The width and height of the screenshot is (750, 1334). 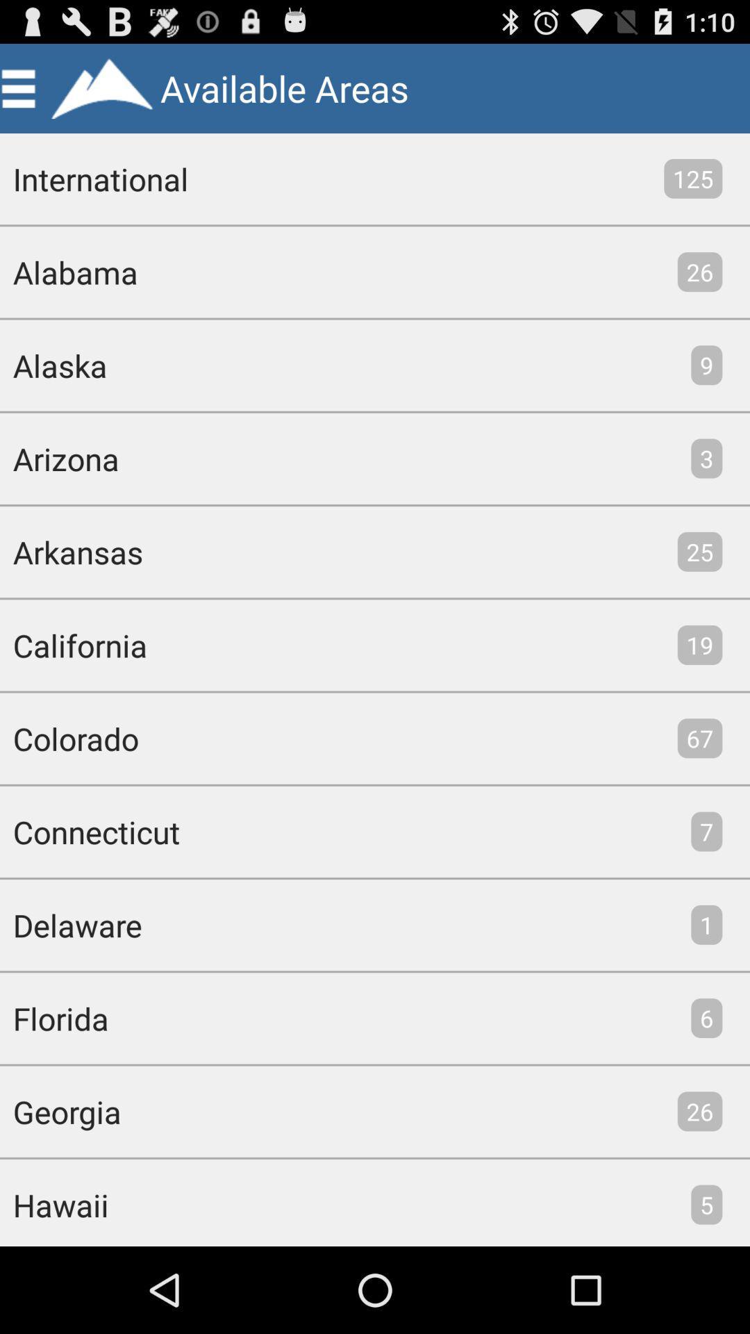 What do you see at coordinates (699, 737) in the screenshot?
I see `the app next to the colorado icon` at bounding box center [699, 737].